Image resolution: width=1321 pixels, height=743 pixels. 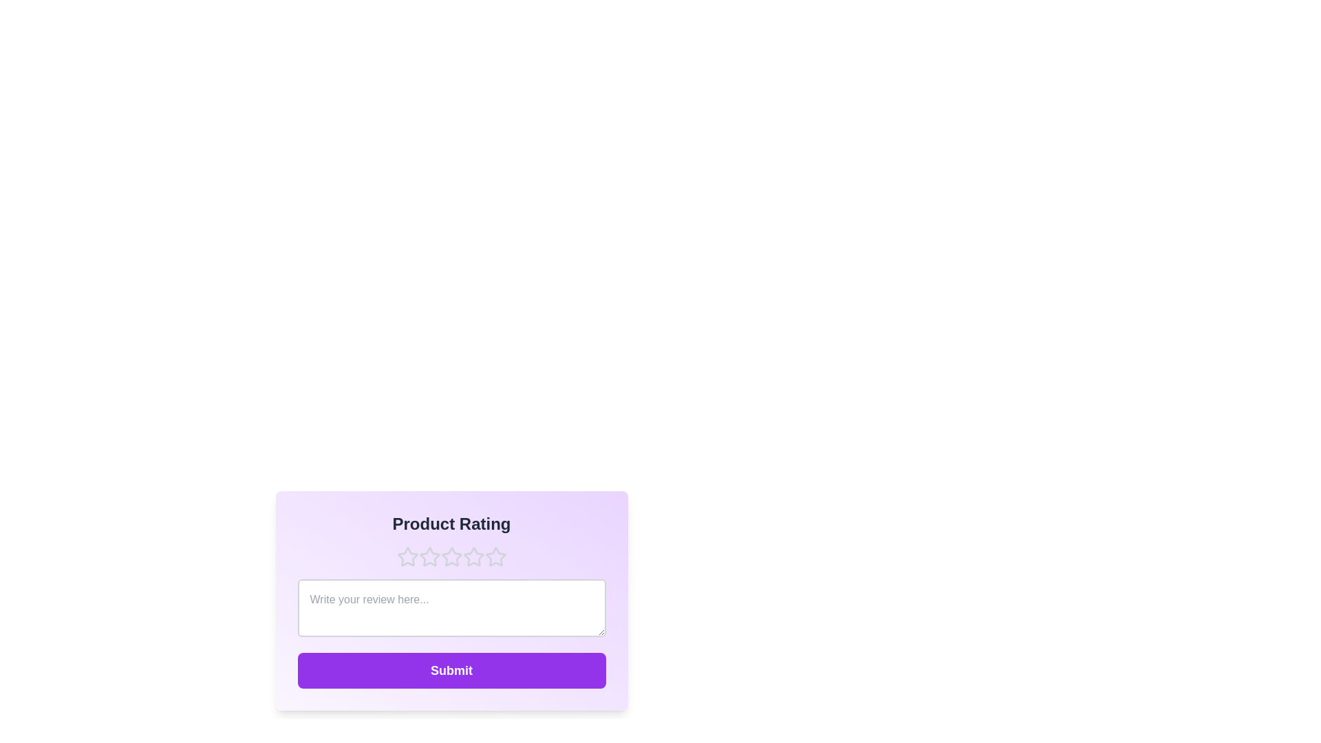 What do you see at coordinates (451, 607) in the screenshot?
I see `the text area to focus and enable text input` at bounding box center [451, 607].